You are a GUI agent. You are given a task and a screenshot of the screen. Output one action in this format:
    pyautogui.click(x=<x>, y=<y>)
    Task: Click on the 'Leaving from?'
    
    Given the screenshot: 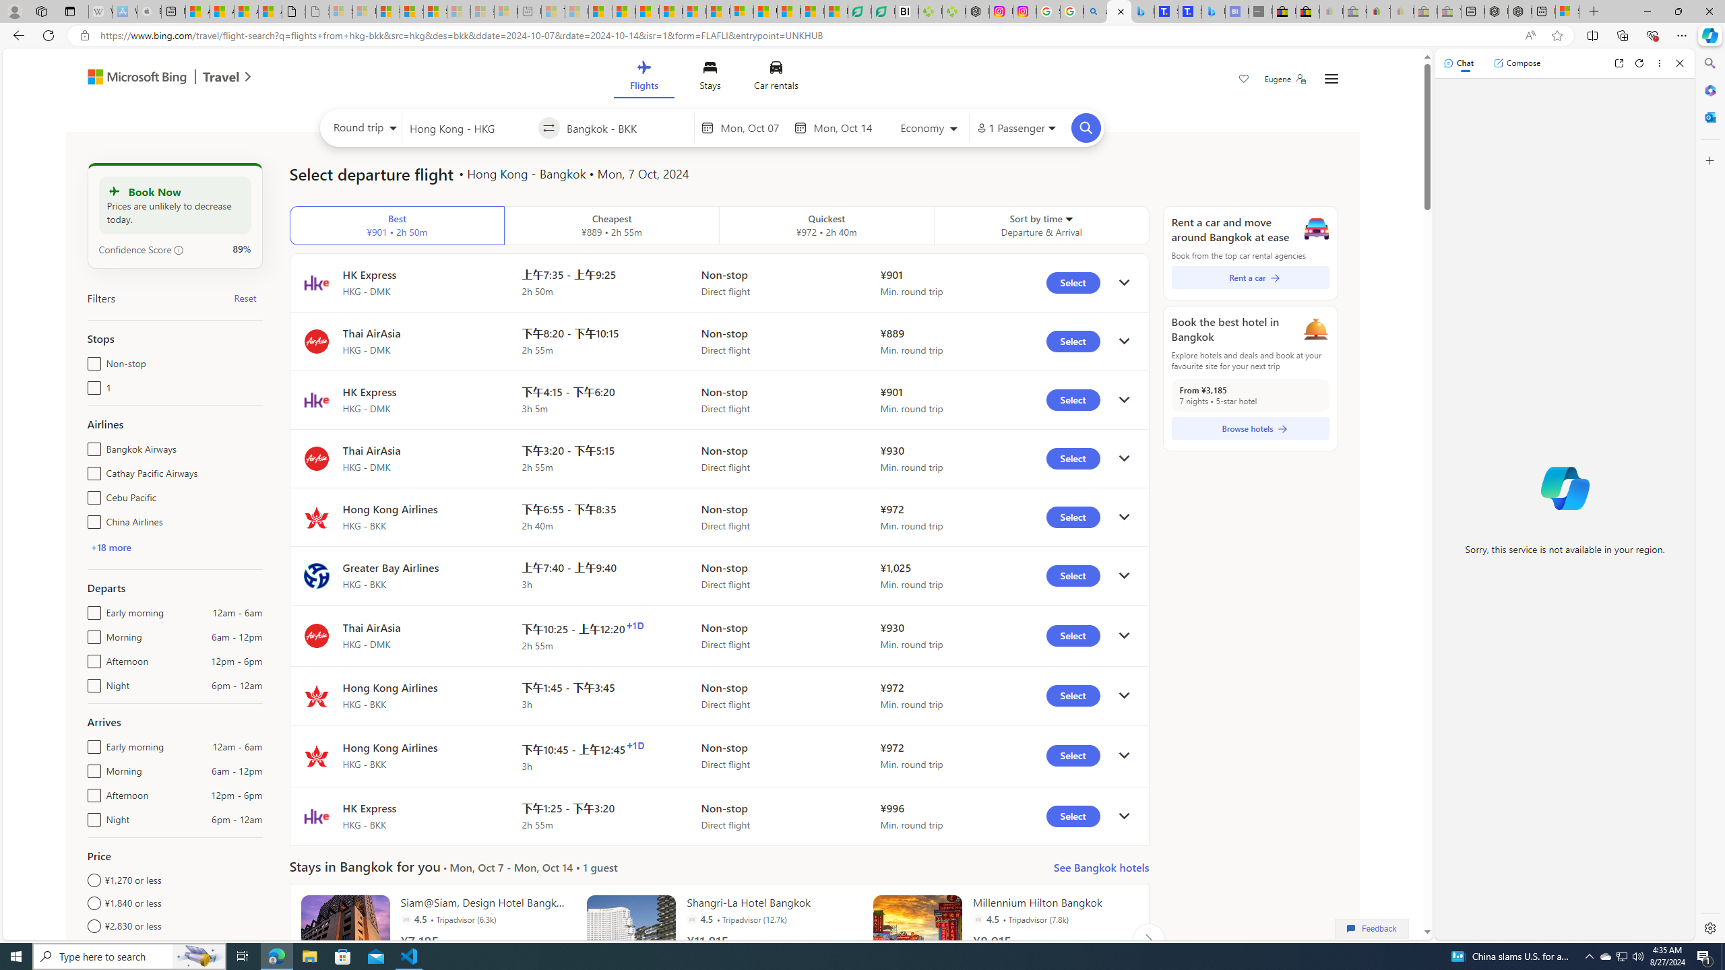 What is the action you would take?
    pyautogui.click(x=470, y=127)
    